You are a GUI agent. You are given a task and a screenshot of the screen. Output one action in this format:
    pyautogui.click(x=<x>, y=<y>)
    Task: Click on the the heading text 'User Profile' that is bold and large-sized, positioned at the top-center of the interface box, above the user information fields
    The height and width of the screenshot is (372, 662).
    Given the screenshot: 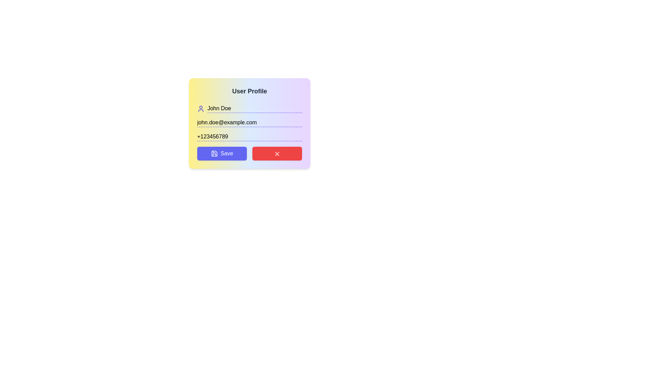 What is the action you would take?
    pyautogui.click(x=249, y=91)
    